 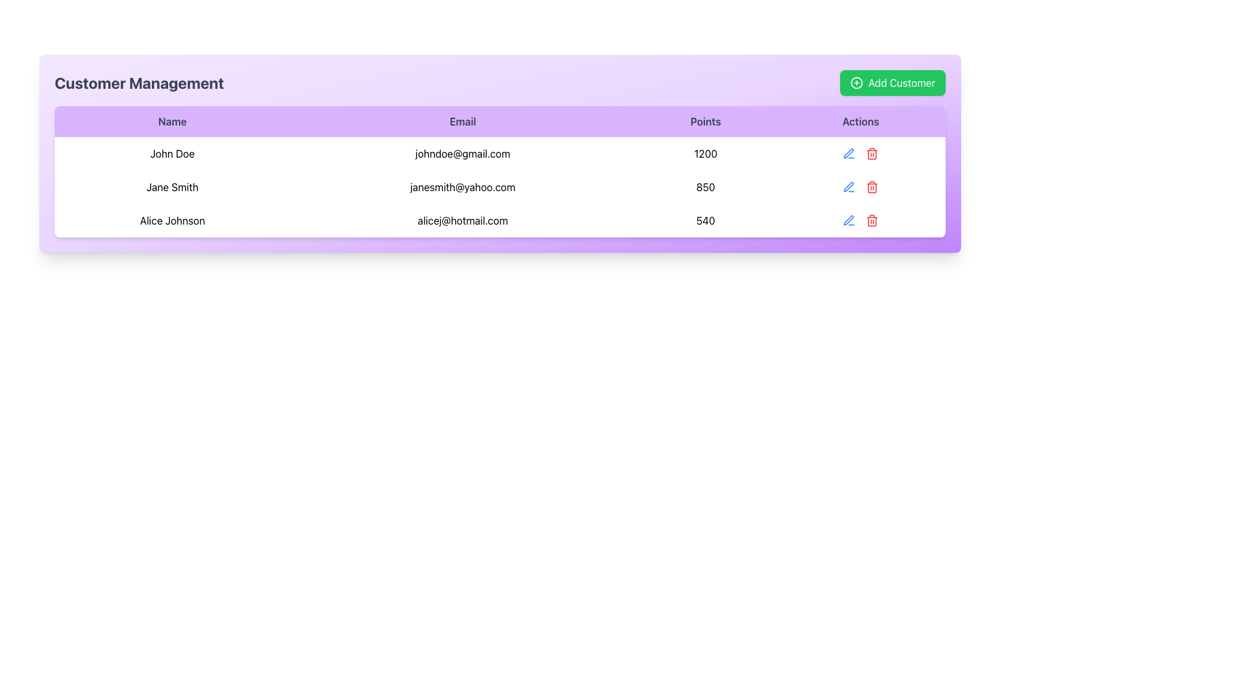 I want to click on the red trash bin icon button, which is the third action button in the last row under the 'Actions' column for user 'Alice Johnson', so click(x=872, y=220).